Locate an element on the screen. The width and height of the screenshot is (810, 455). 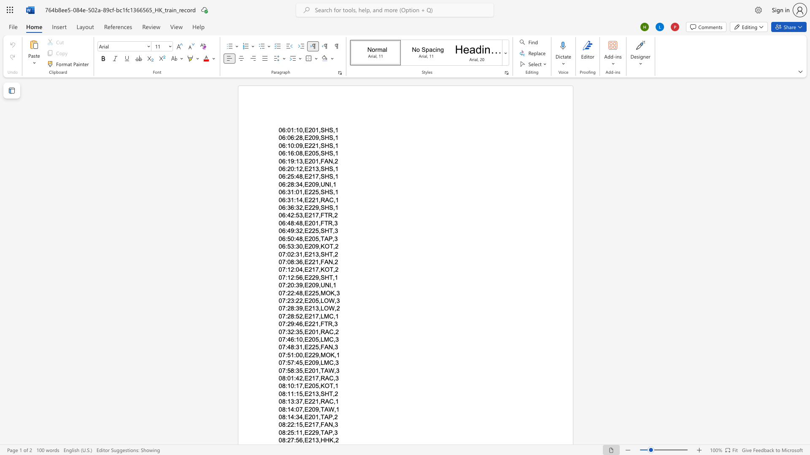
the subset text "01,F" within the text "06:48:48,E201,FTR,3" is located at coordinates (311, 222).